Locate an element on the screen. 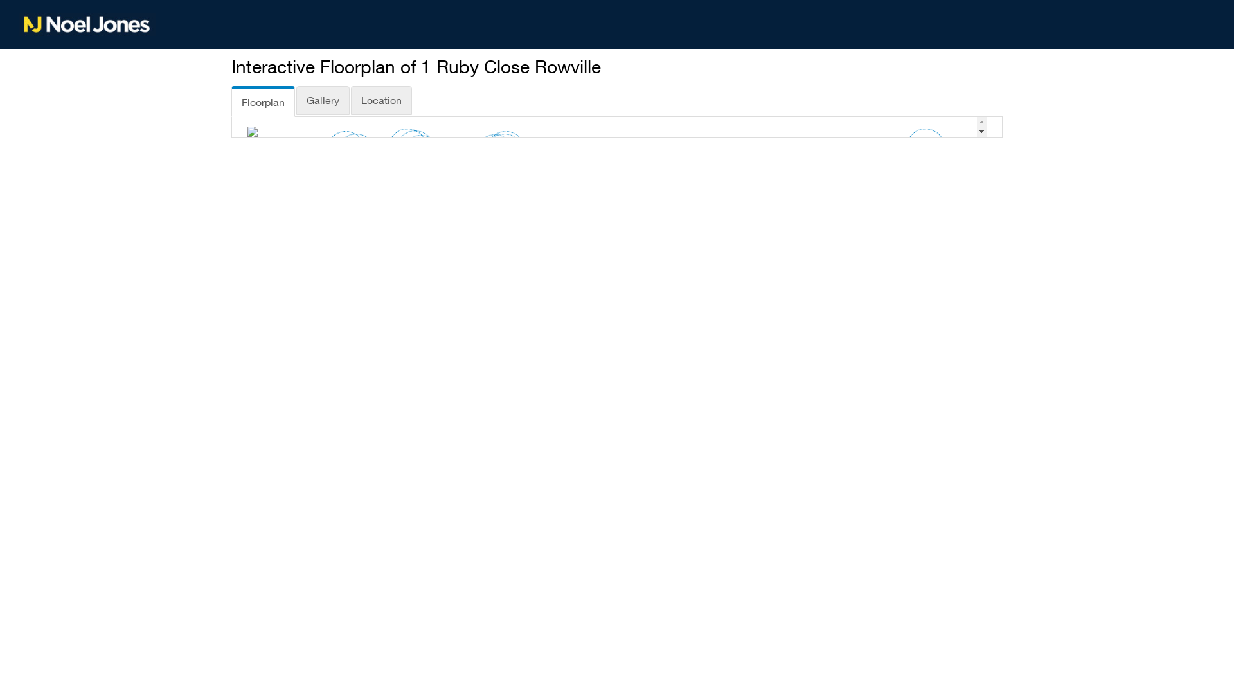 The width and height of the screenshot is (1234, 694). 'Location' is located at coordinates (380, 100).